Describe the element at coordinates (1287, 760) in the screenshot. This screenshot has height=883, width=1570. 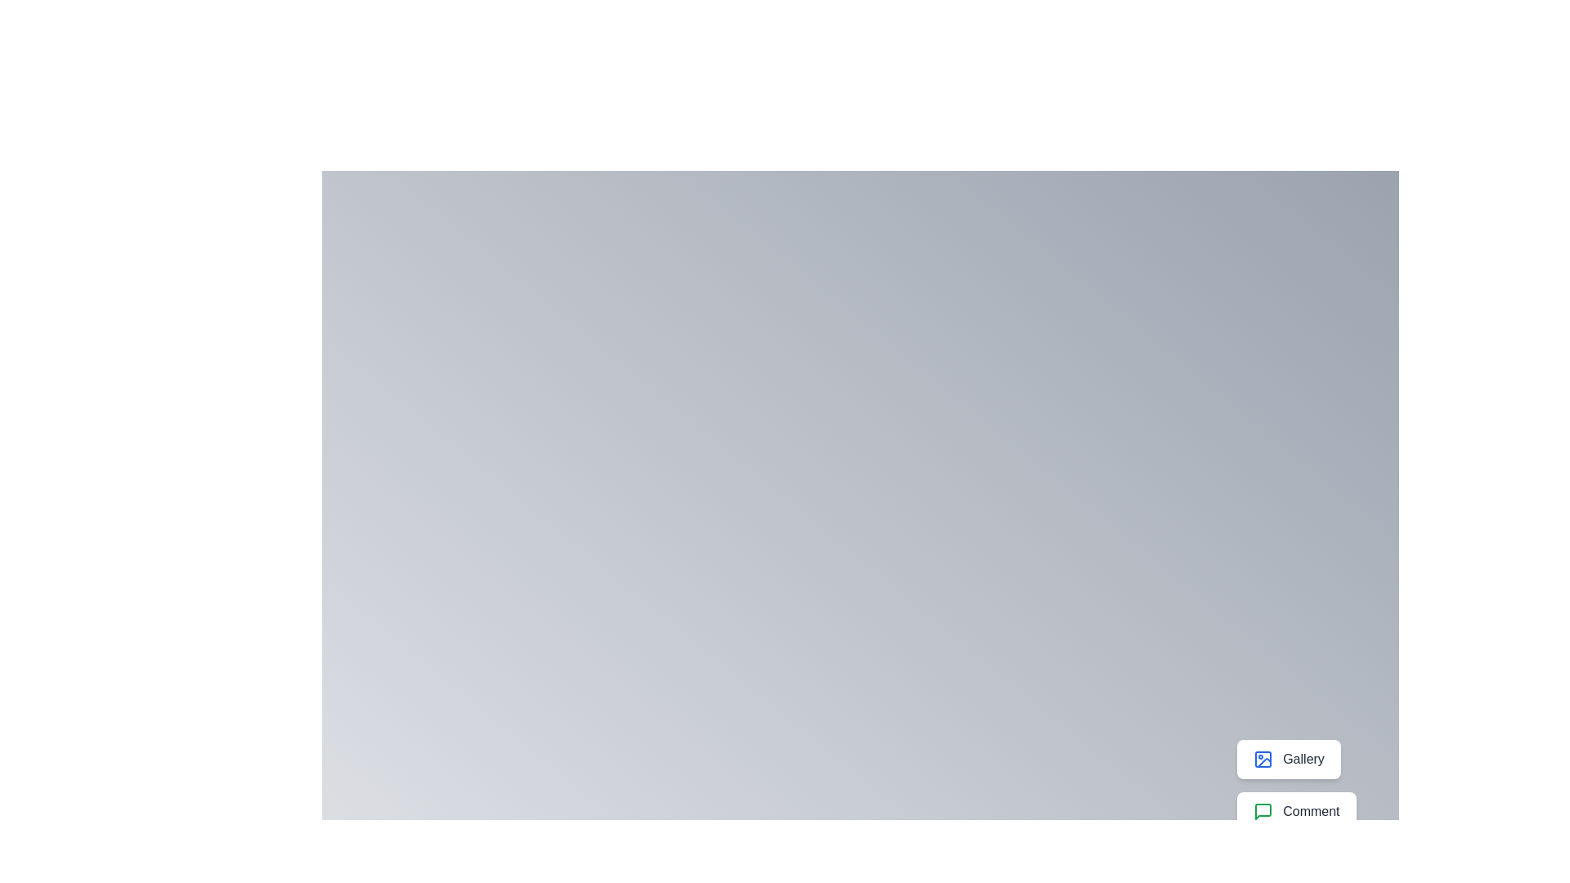
I see `the 'Gallery' button` at that location.